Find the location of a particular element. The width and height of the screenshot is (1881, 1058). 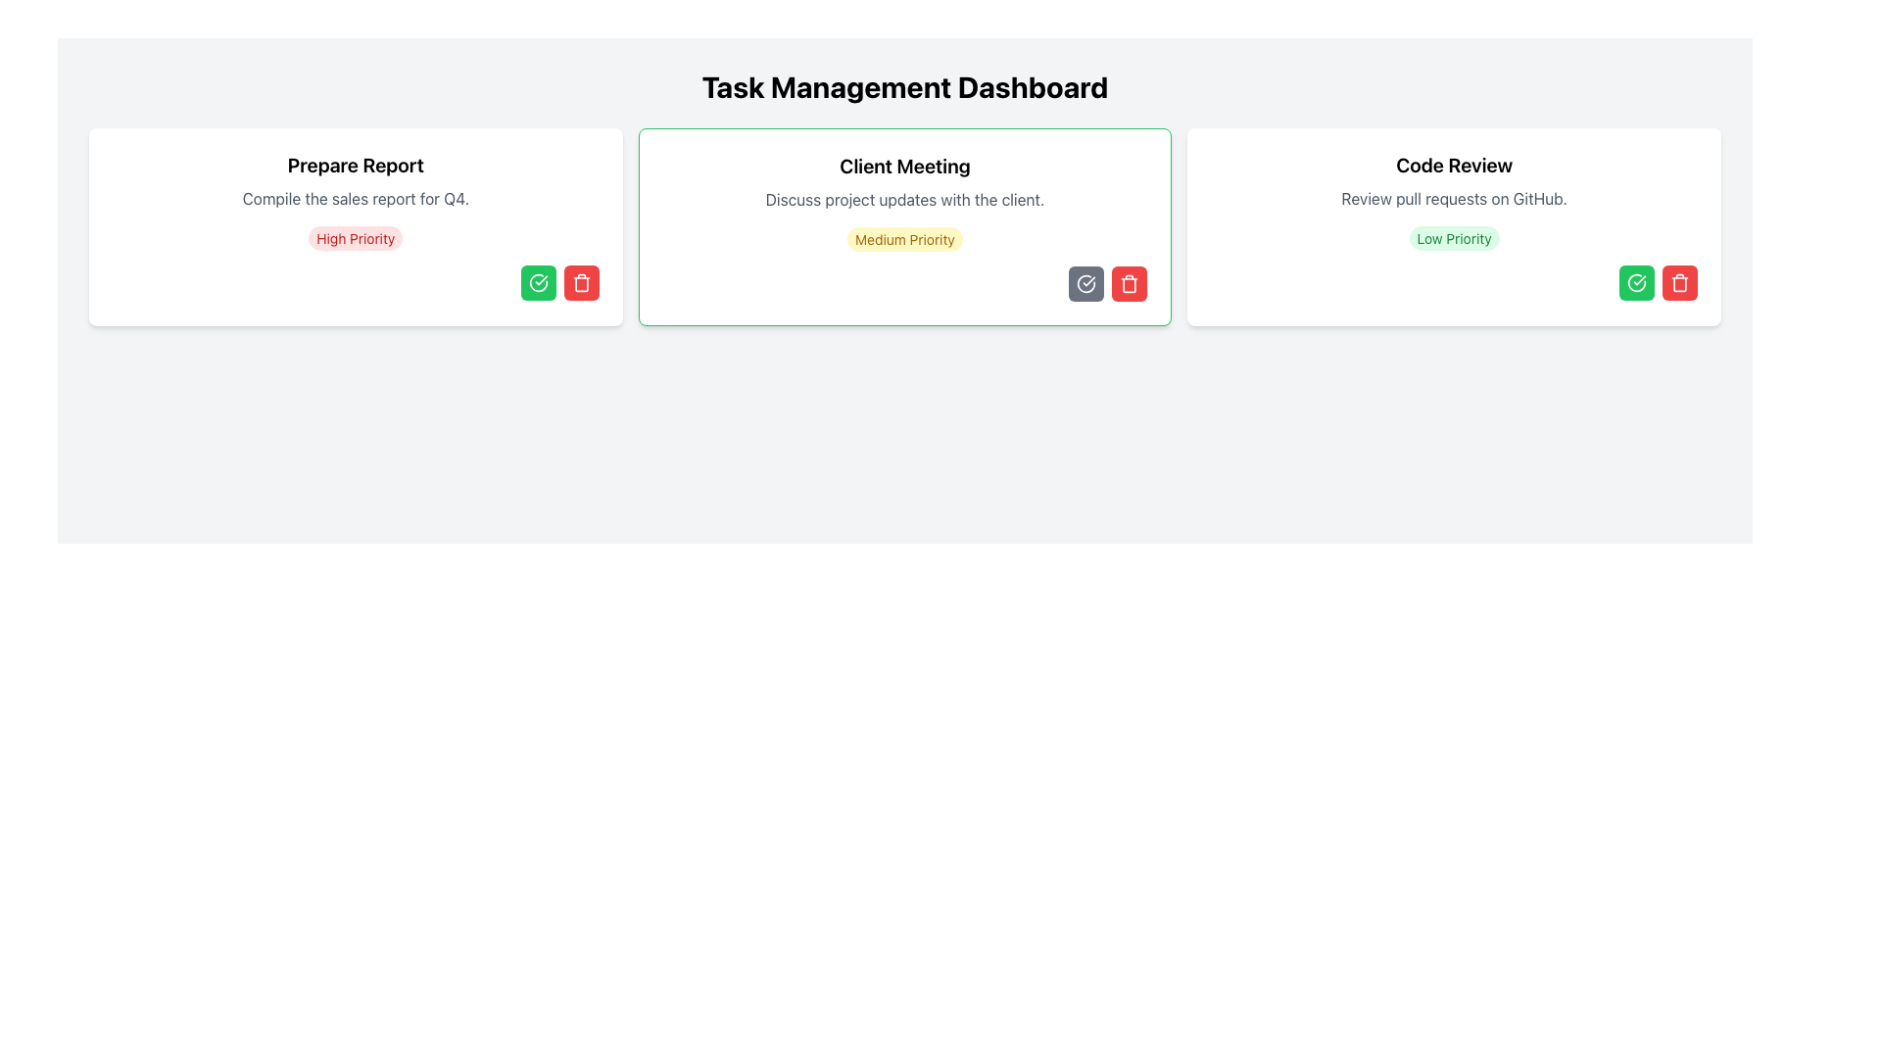

the trash icon button located at the bottom-right corner inside the 'Code Review' card is located at coordinates (1678, 283).